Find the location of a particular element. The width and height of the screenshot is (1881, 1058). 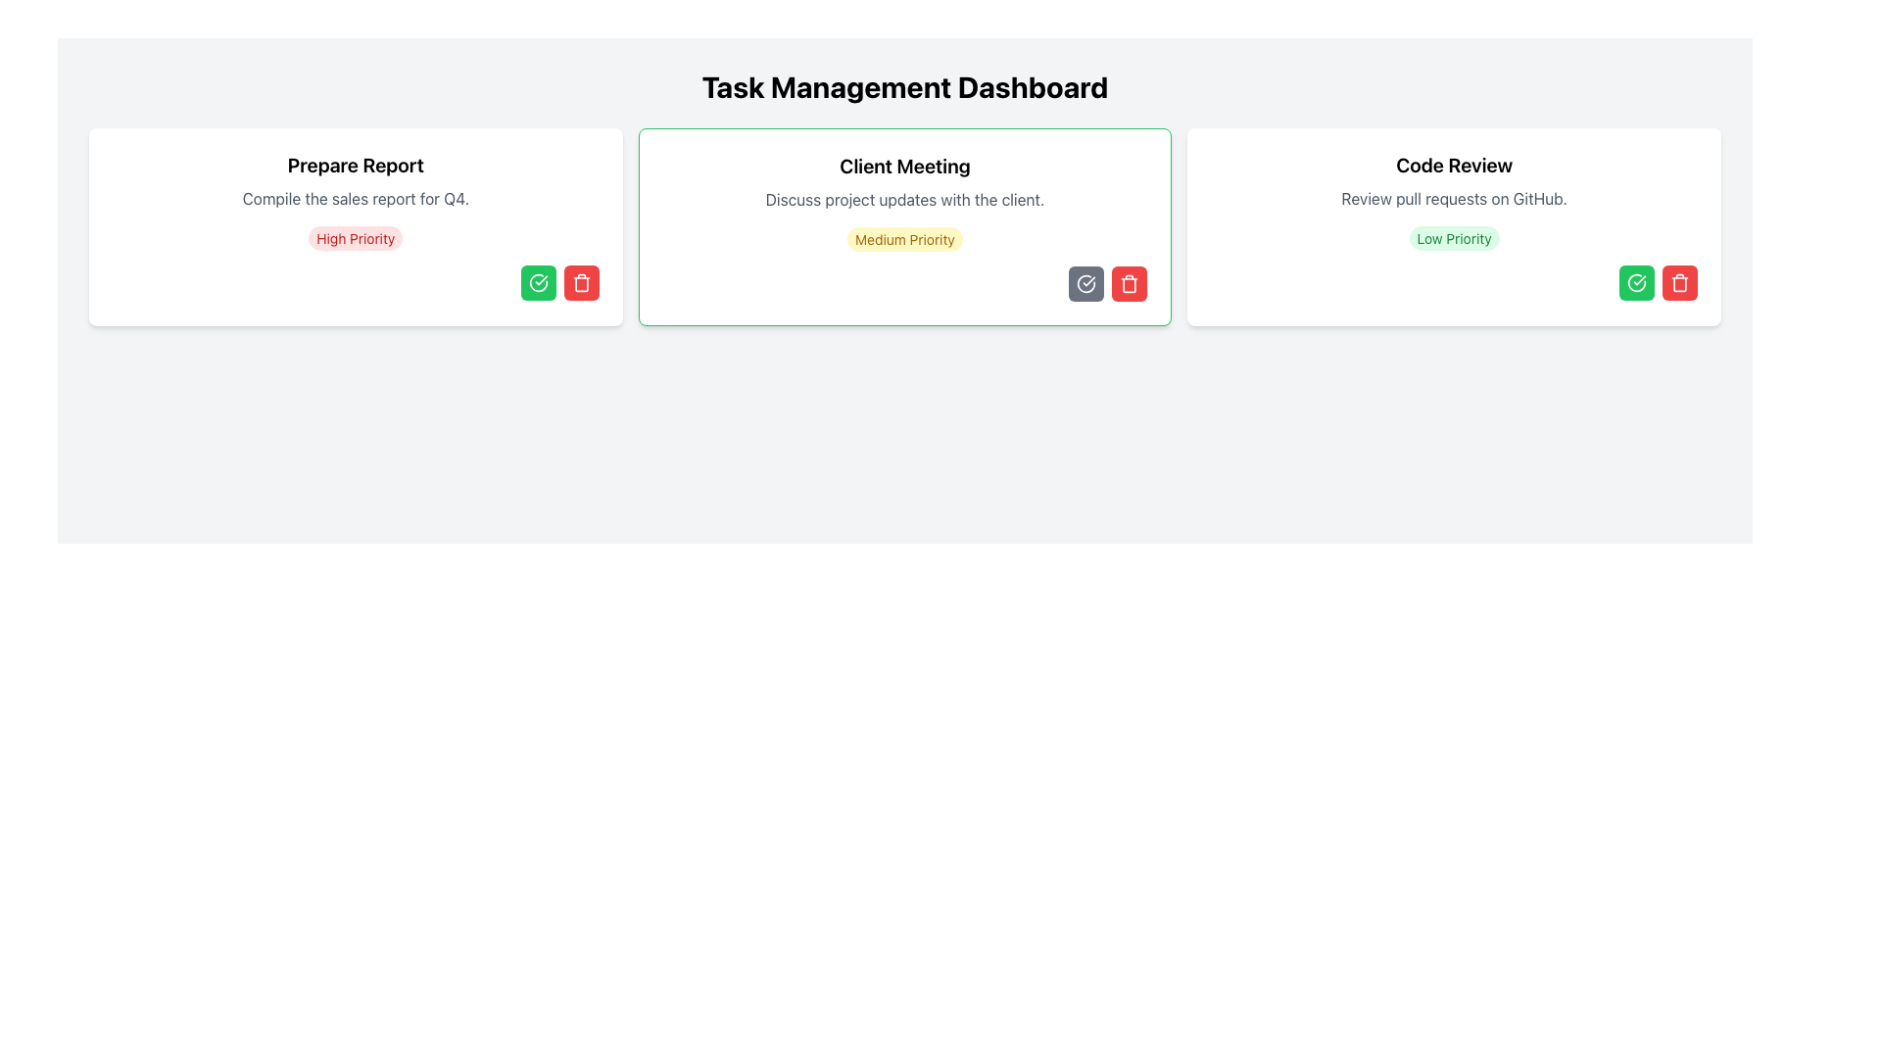

the trash icon button located at the bottom-right corner inside the 'Code Review' card is located at coordinates (1678, 283).